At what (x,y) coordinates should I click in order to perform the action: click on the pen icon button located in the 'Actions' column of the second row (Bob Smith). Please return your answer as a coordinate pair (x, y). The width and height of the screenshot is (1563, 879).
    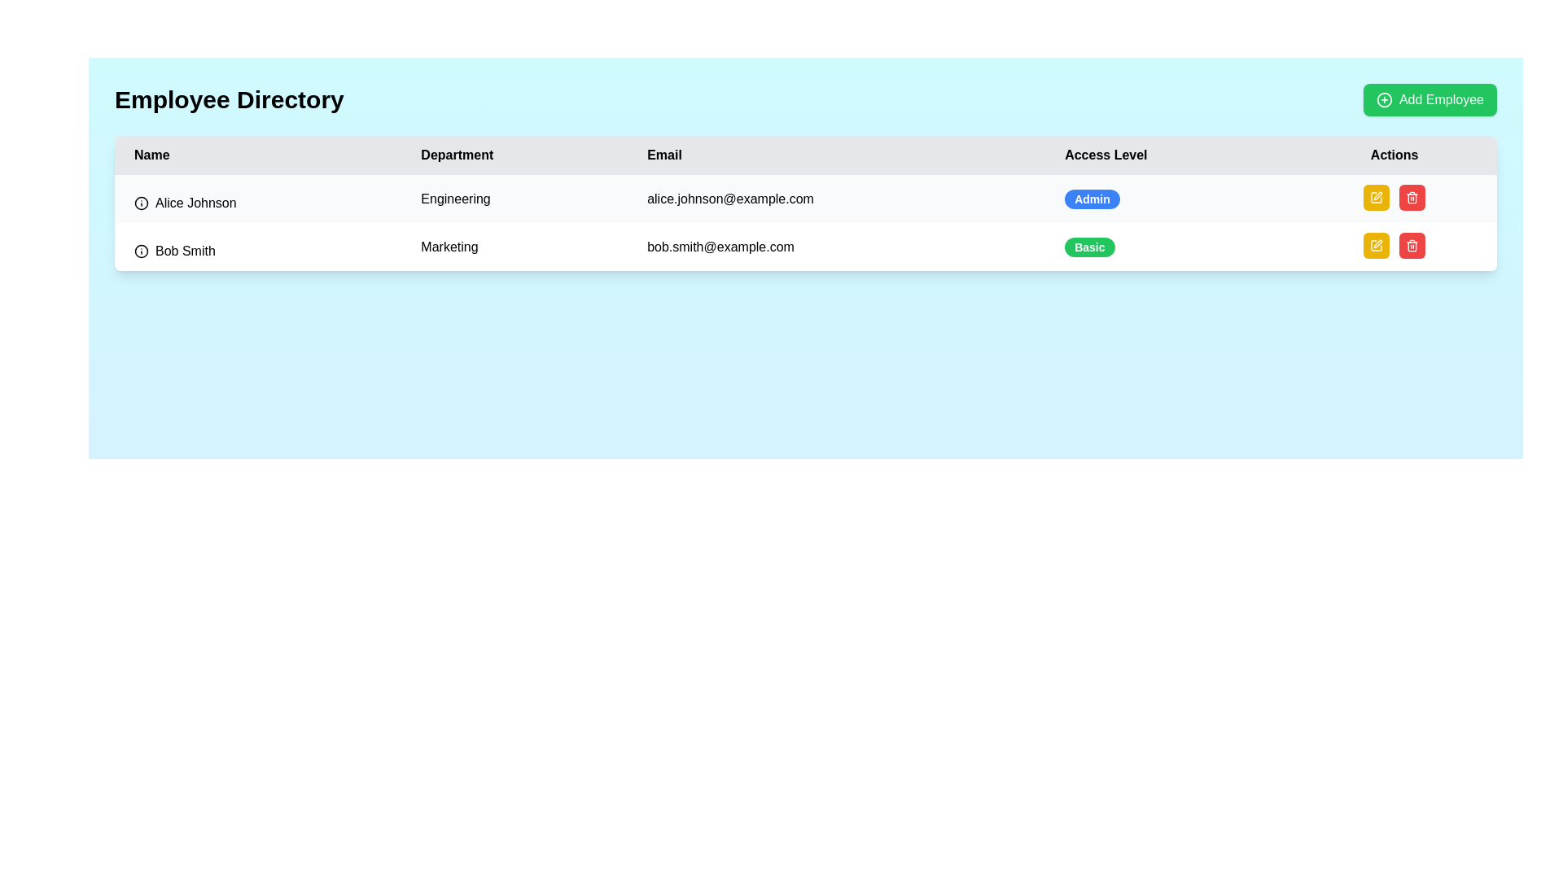
    Looking at the image, I should click on (1376, 245).